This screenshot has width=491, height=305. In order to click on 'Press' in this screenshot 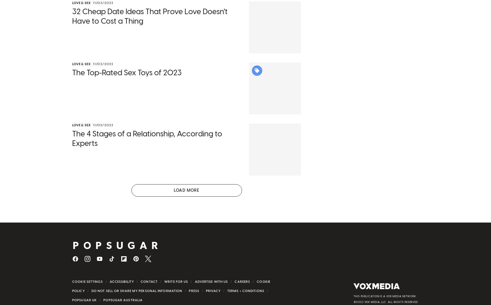, I will do `click(189, 292)`.